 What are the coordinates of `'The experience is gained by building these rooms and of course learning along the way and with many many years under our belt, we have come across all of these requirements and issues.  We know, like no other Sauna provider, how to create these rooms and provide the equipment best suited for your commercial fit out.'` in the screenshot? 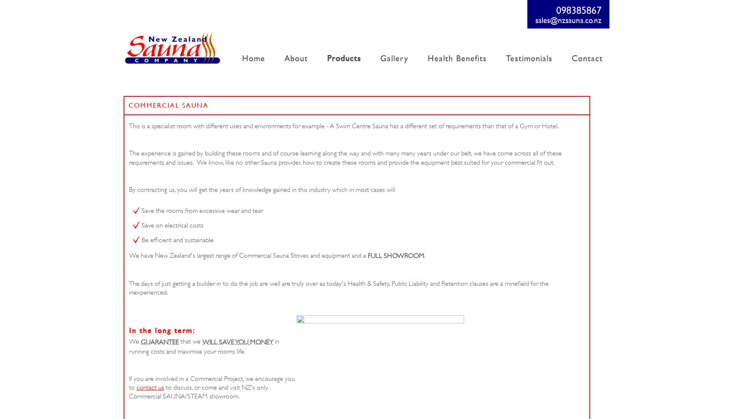 It's located at (345, 158).